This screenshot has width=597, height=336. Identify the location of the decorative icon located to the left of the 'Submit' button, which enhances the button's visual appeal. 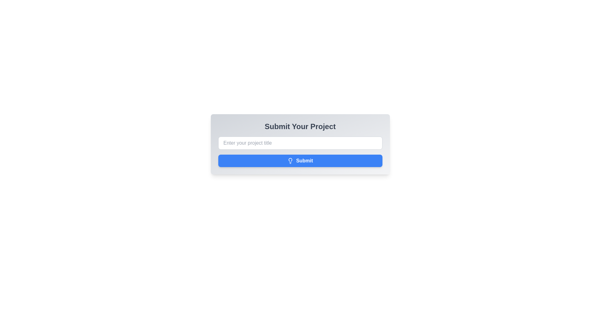
(290, 160).